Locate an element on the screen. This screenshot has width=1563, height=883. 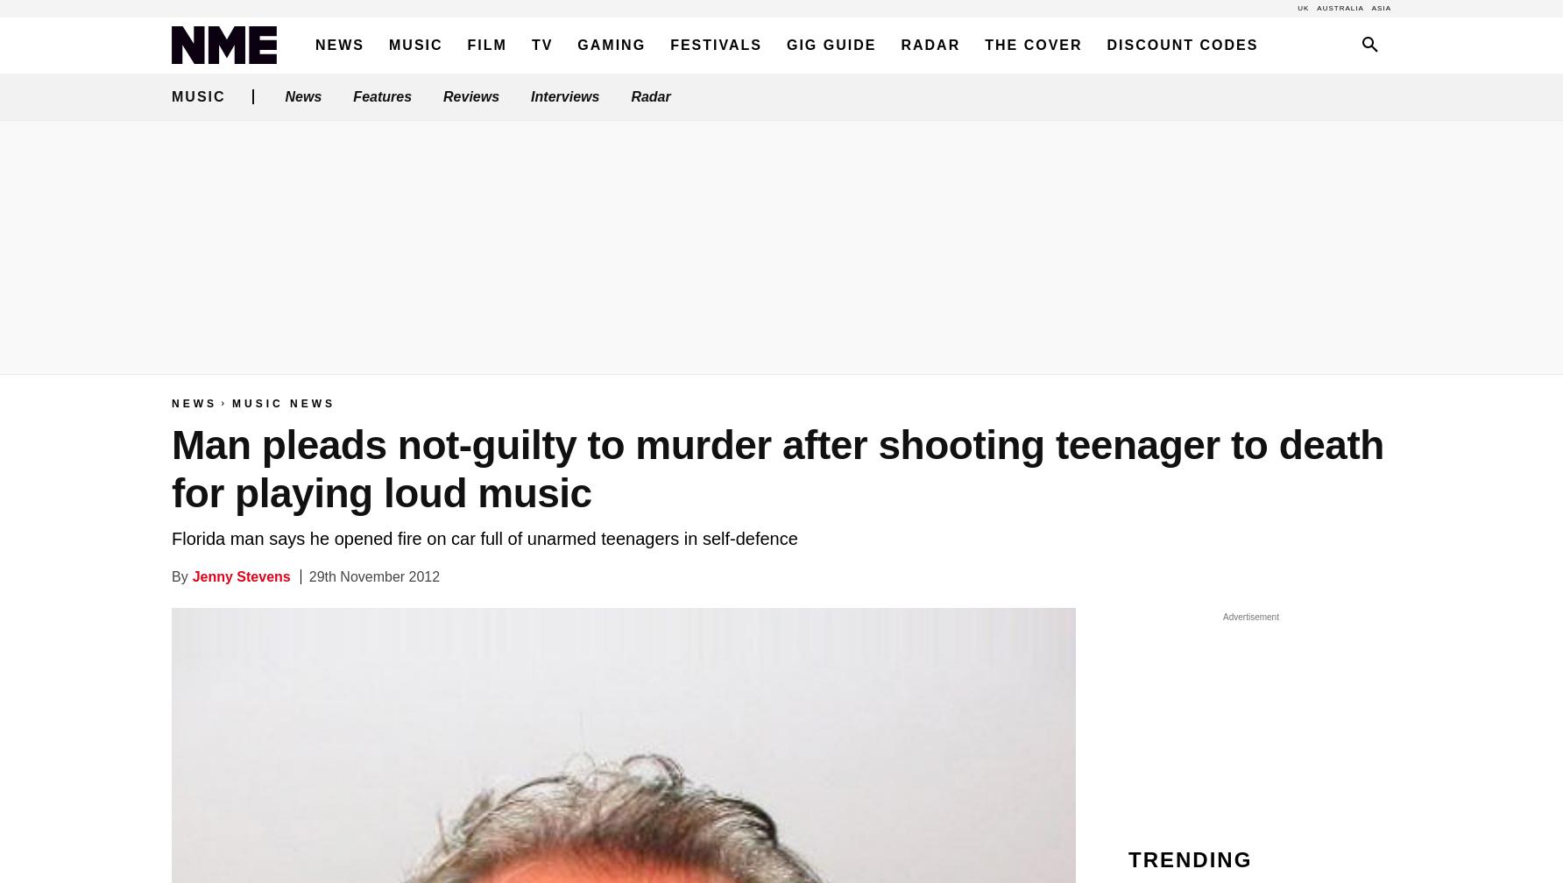
'TV' is located at coordinates (541, 45).